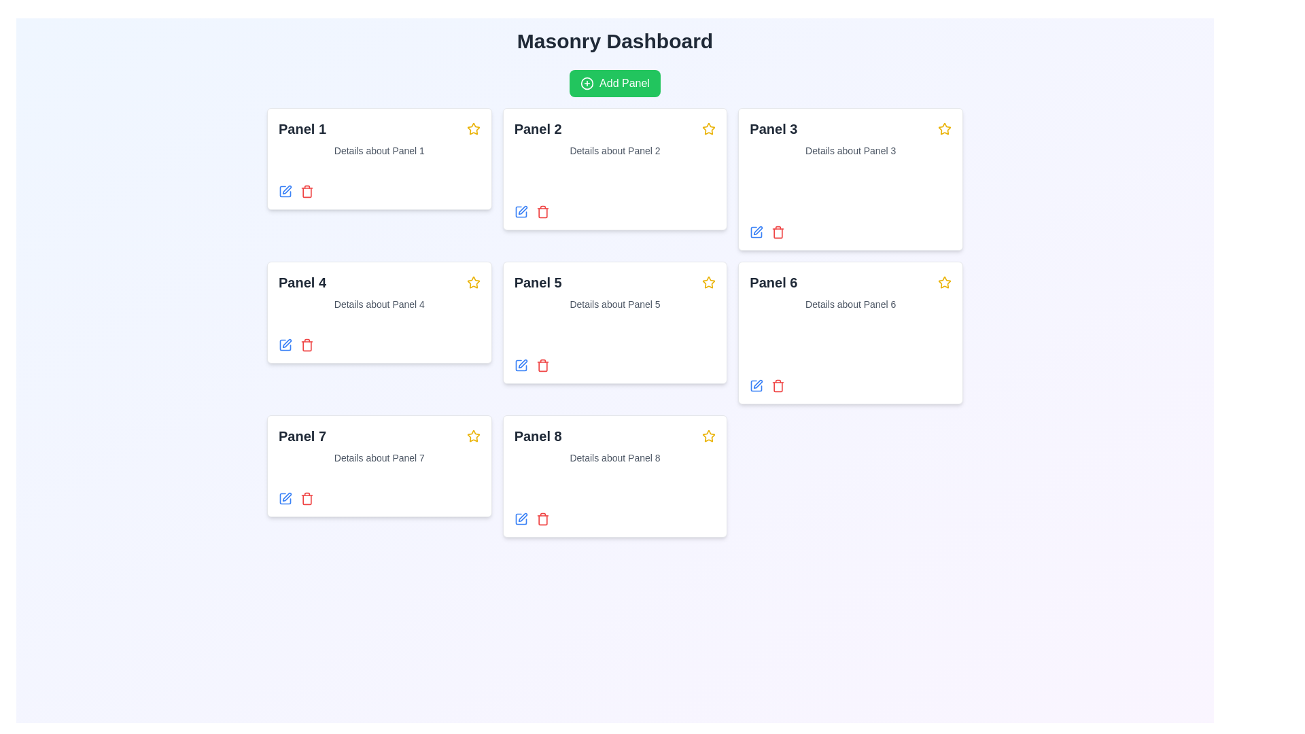 The width and height of the screenshot is (1305, 734). I want to click on the 'Panel 6' card component in the dashboard, so click(850, 332).